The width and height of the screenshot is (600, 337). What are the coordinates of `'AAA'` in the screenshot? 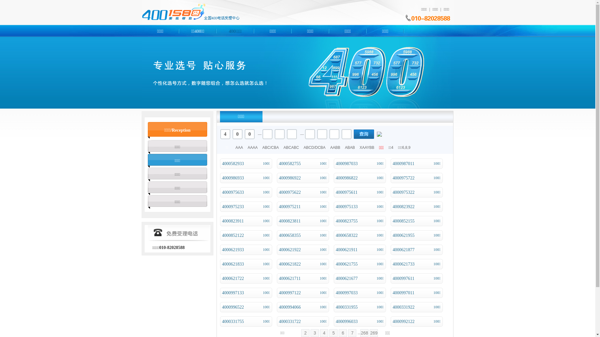 It's located at (239, 148).